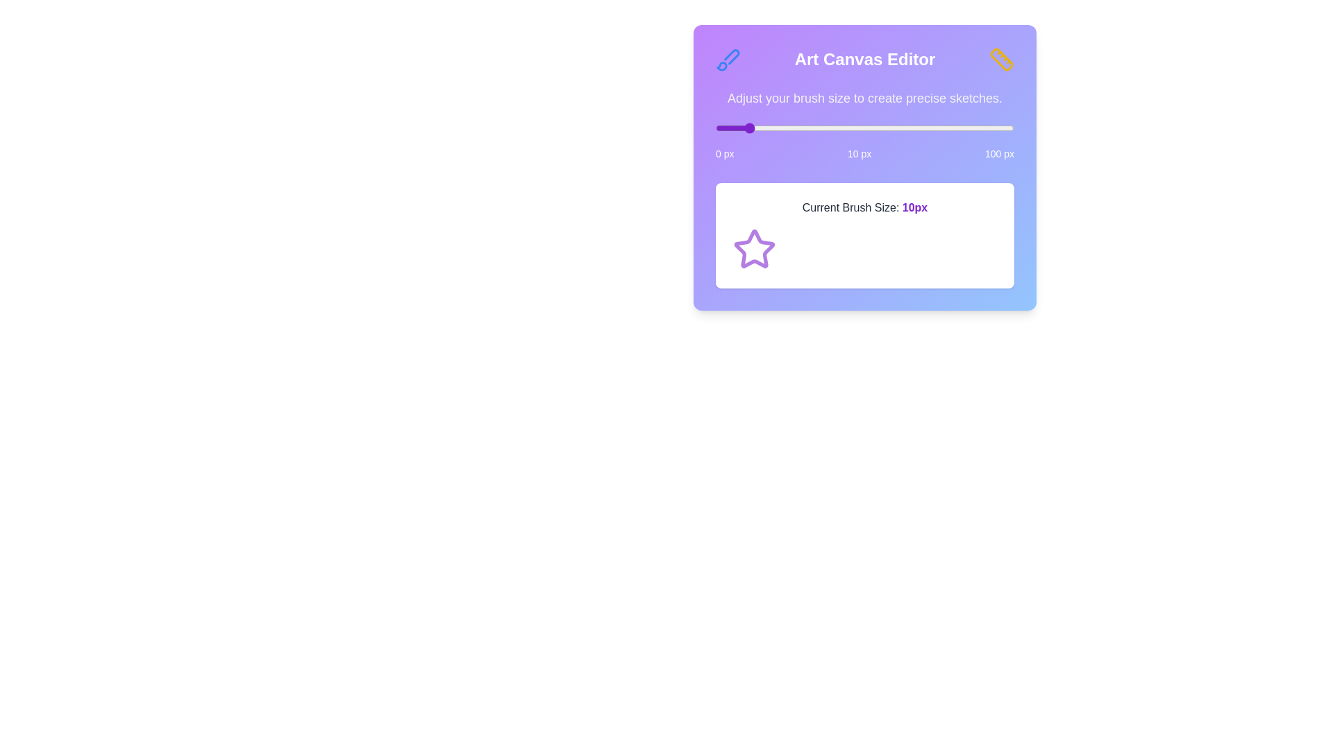  I want to click on the brush size slider to 72 px, so click(930, 128).